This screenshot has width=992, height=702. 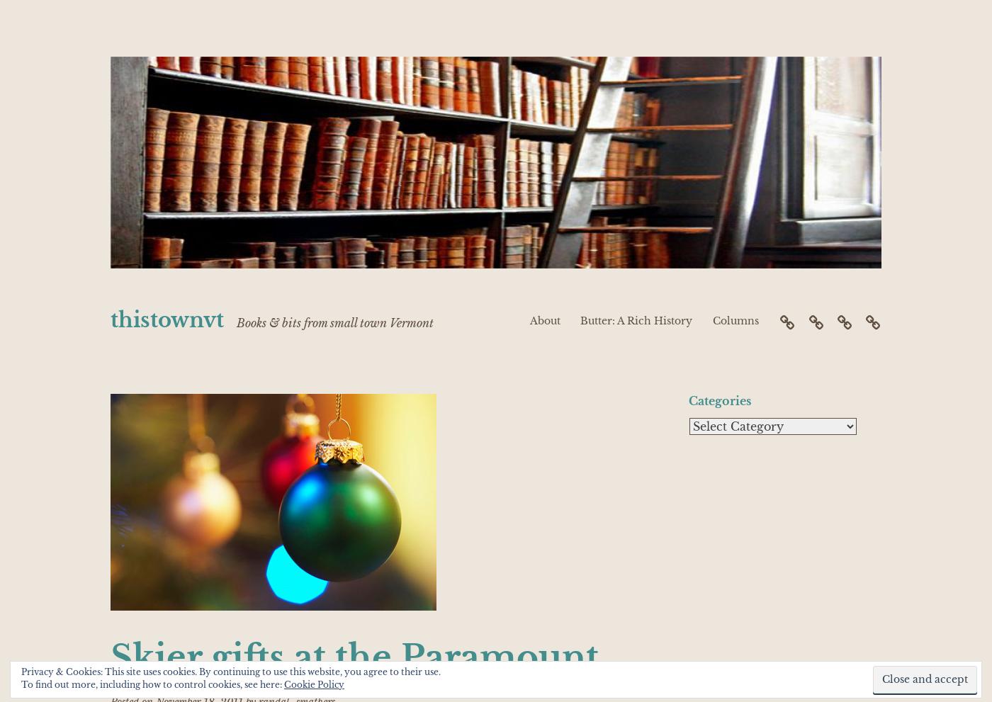 I want to click on 'About', so click(x=544, y=319).